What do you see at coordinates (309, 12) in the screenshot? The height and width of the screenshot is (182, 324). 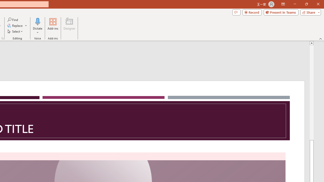 I see `'Share'` at bounding box center [309, 12].